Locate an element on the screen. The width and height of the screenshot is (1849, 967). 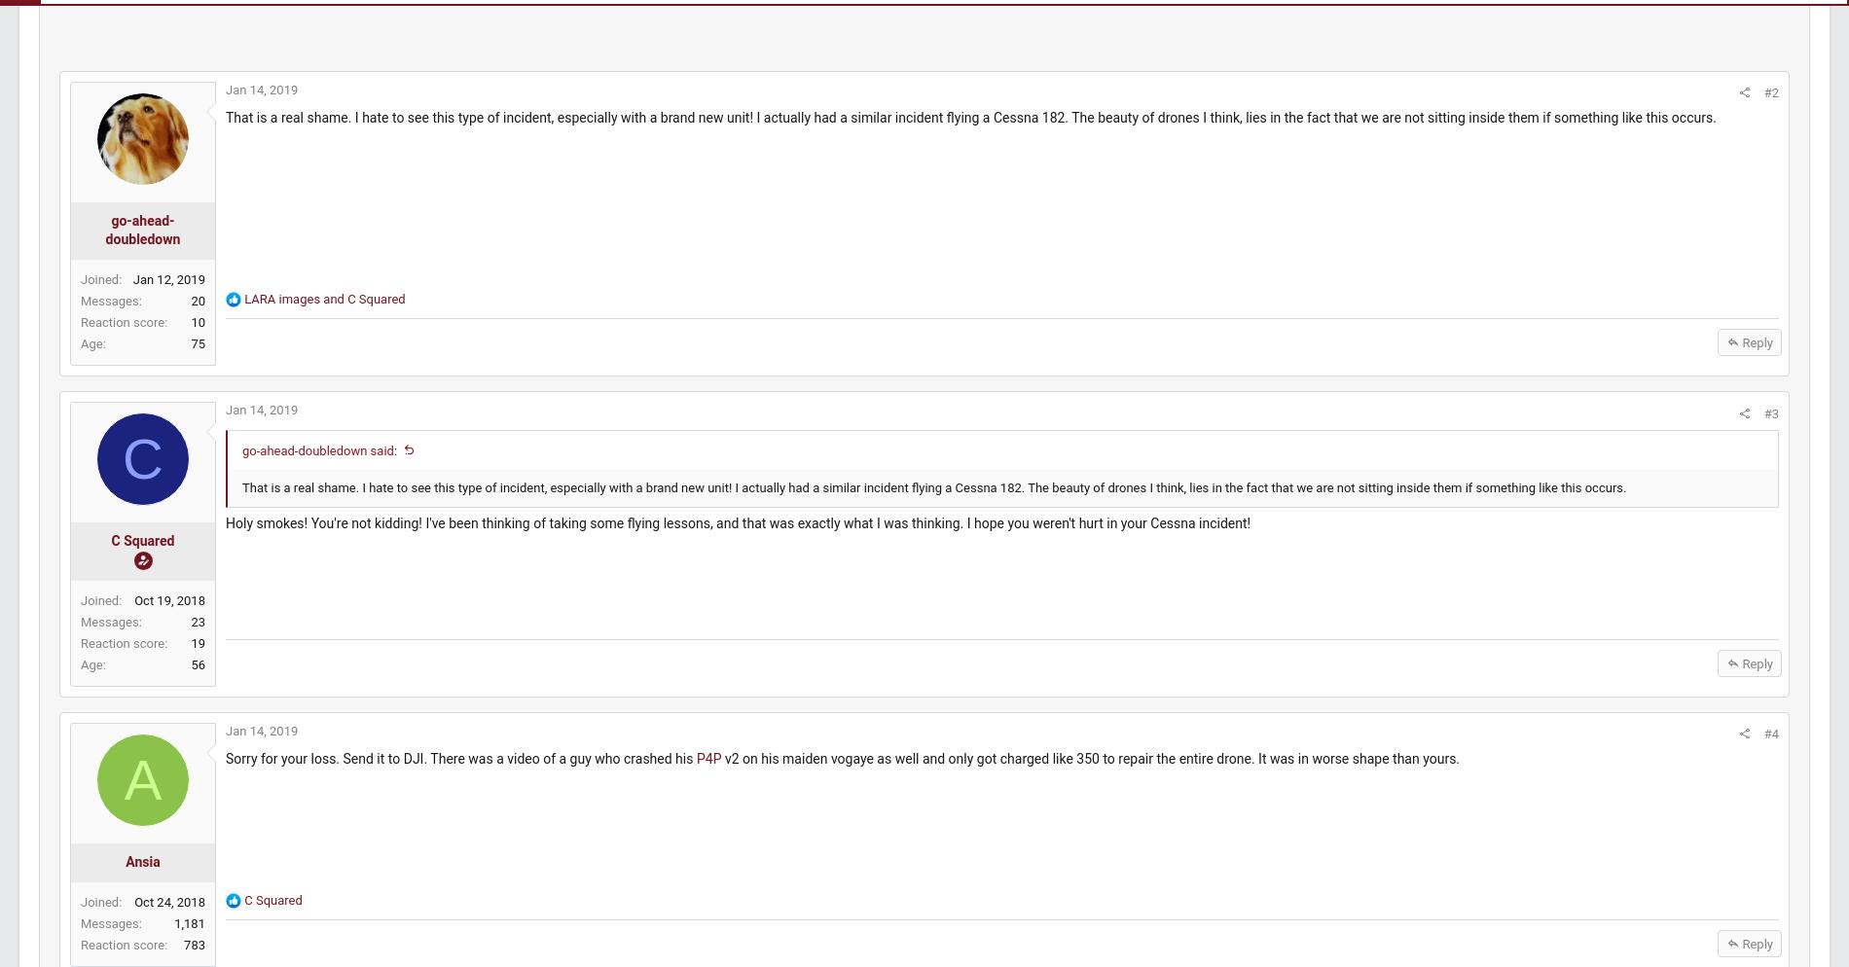
'Yesterday at 2:37 PM' is located at coordinates (1606, 359).